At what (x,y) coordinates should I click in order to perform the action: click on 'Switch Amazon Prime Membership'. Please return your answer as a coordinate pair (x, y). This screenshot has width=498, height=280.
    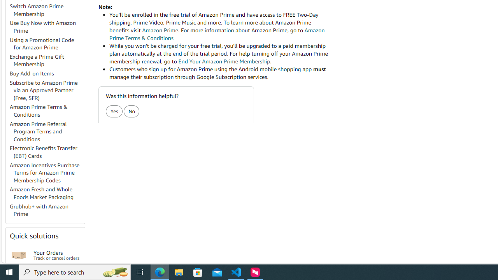
    Looking at the image, I should click on (36, 10).